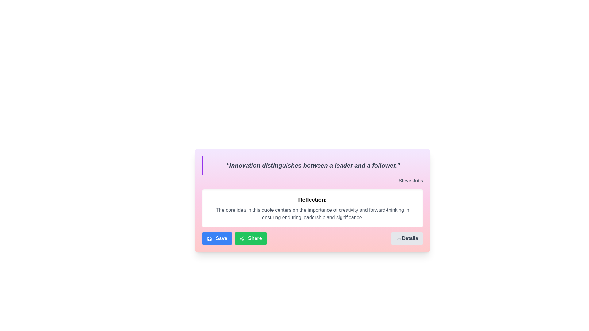  What do you see at coordinates (209, 238) in the screenshot?
I see `the save icon, which is a minimalist diskette styled button with a blue background and white text labeled 'Save', located at the bottom left of the visible card` at bounding box center [209, 238].